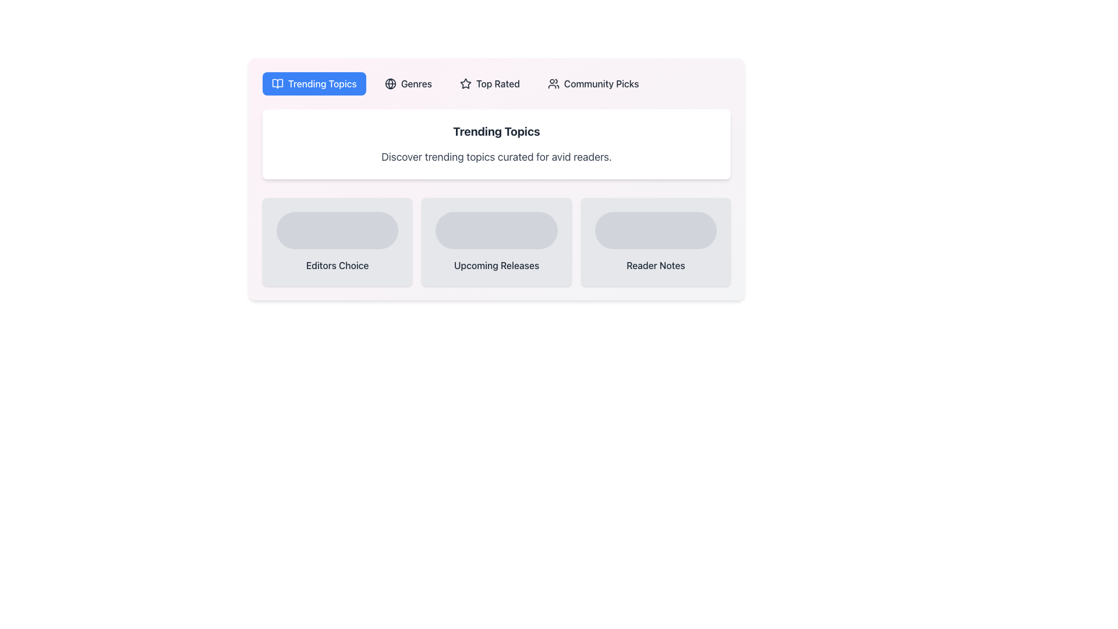 Image resolution: width=1118 pixels, height=629 pixels. Describe the element at coordinates (497, 157) in the screenshot. I see `the text display that reads 'Discover trending topics curated for avid readers.' which is centrally aligned below the heading 'Trending Topics'` at that location.